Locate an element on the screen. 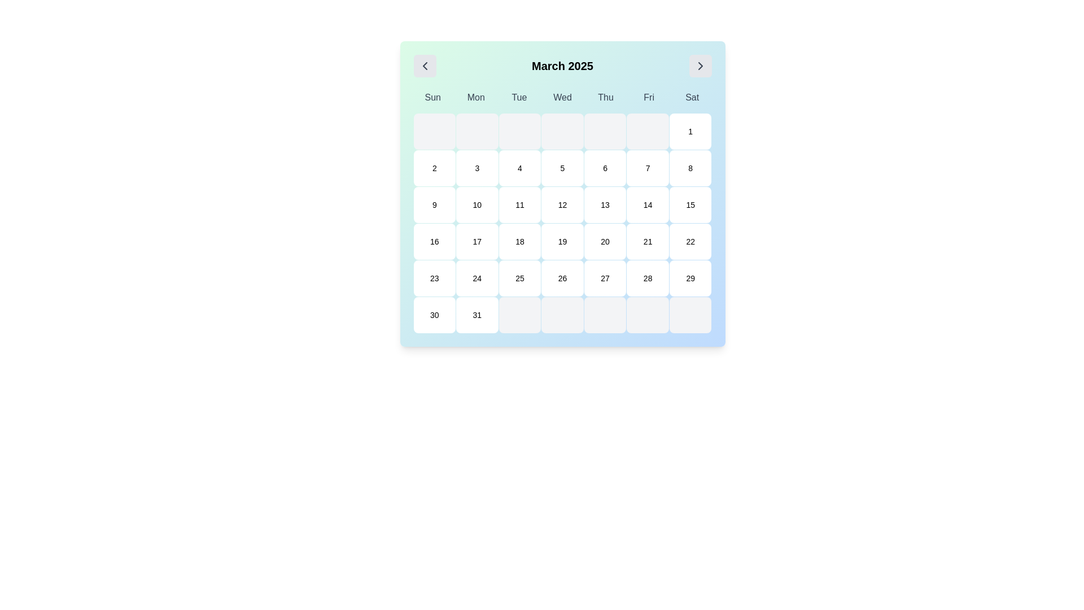 This screenshot has width=1084, height=610. the square-shaped button labeled '31' in the last row and sixth column of the monthly calendar grid is located at coordinates (477, 315).